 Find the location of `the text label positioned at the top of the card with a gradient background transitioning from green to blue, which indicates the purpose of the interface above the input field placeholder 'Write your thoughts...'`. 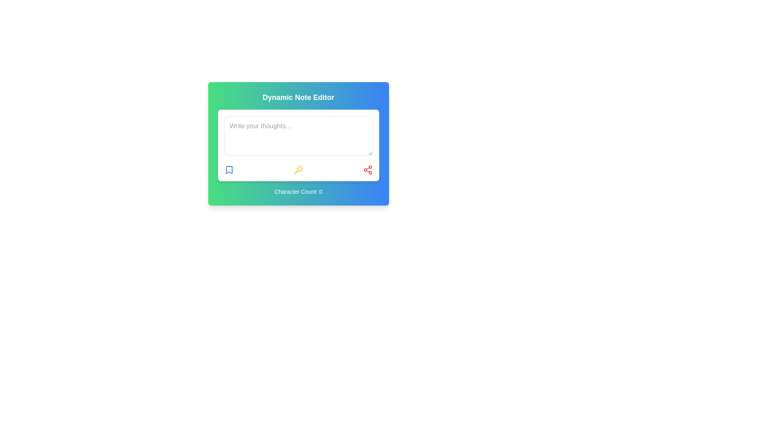

the text label positioned at the top of the card with a gradient background transitioning from green to blue, which indicates the purpose of the interface above the input field placeholder 'Write your thoughts...' is located at coordinates (298, 97).